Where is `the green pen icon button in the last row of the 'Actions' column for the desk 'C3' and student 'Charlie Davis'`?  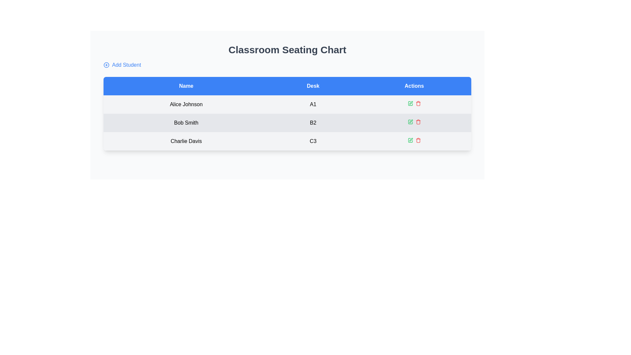 the green pen icon button in the last row of the 'Actions' column for the desk 'C3' and student 'Charlie Davis' is located at coordinates (410, 140).